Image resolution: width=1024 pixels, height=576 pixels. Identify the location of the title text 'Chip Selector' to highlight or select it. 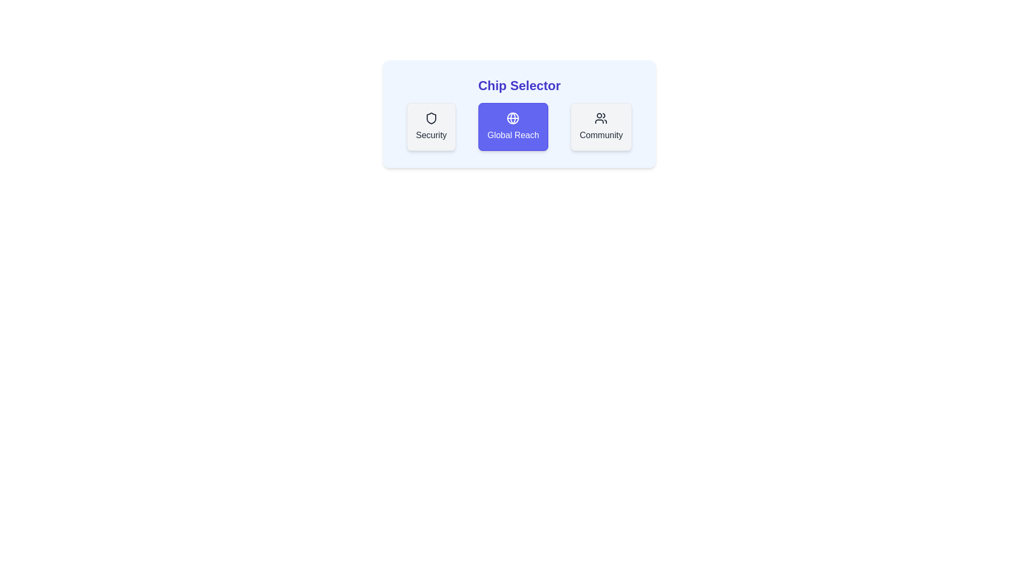
(519, 85).